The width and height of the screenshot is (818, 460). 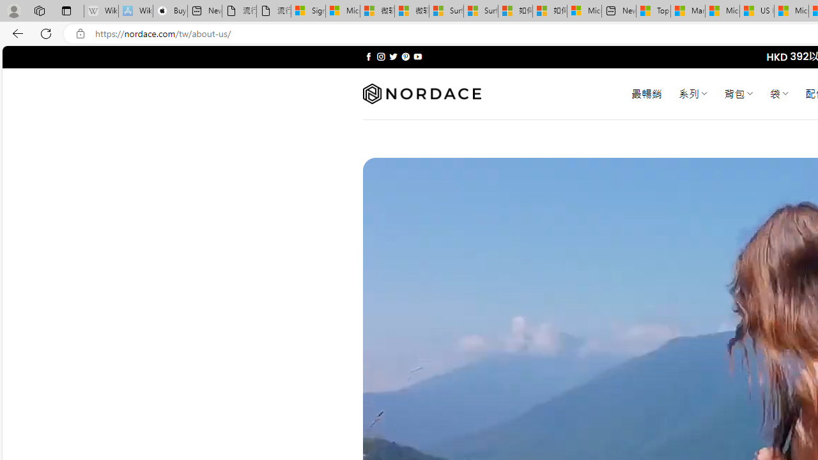 What do you see at coordinates (392, 56) in the screenshot?
I see `'Follow on Twitter'` at bounding box center [392, 56].